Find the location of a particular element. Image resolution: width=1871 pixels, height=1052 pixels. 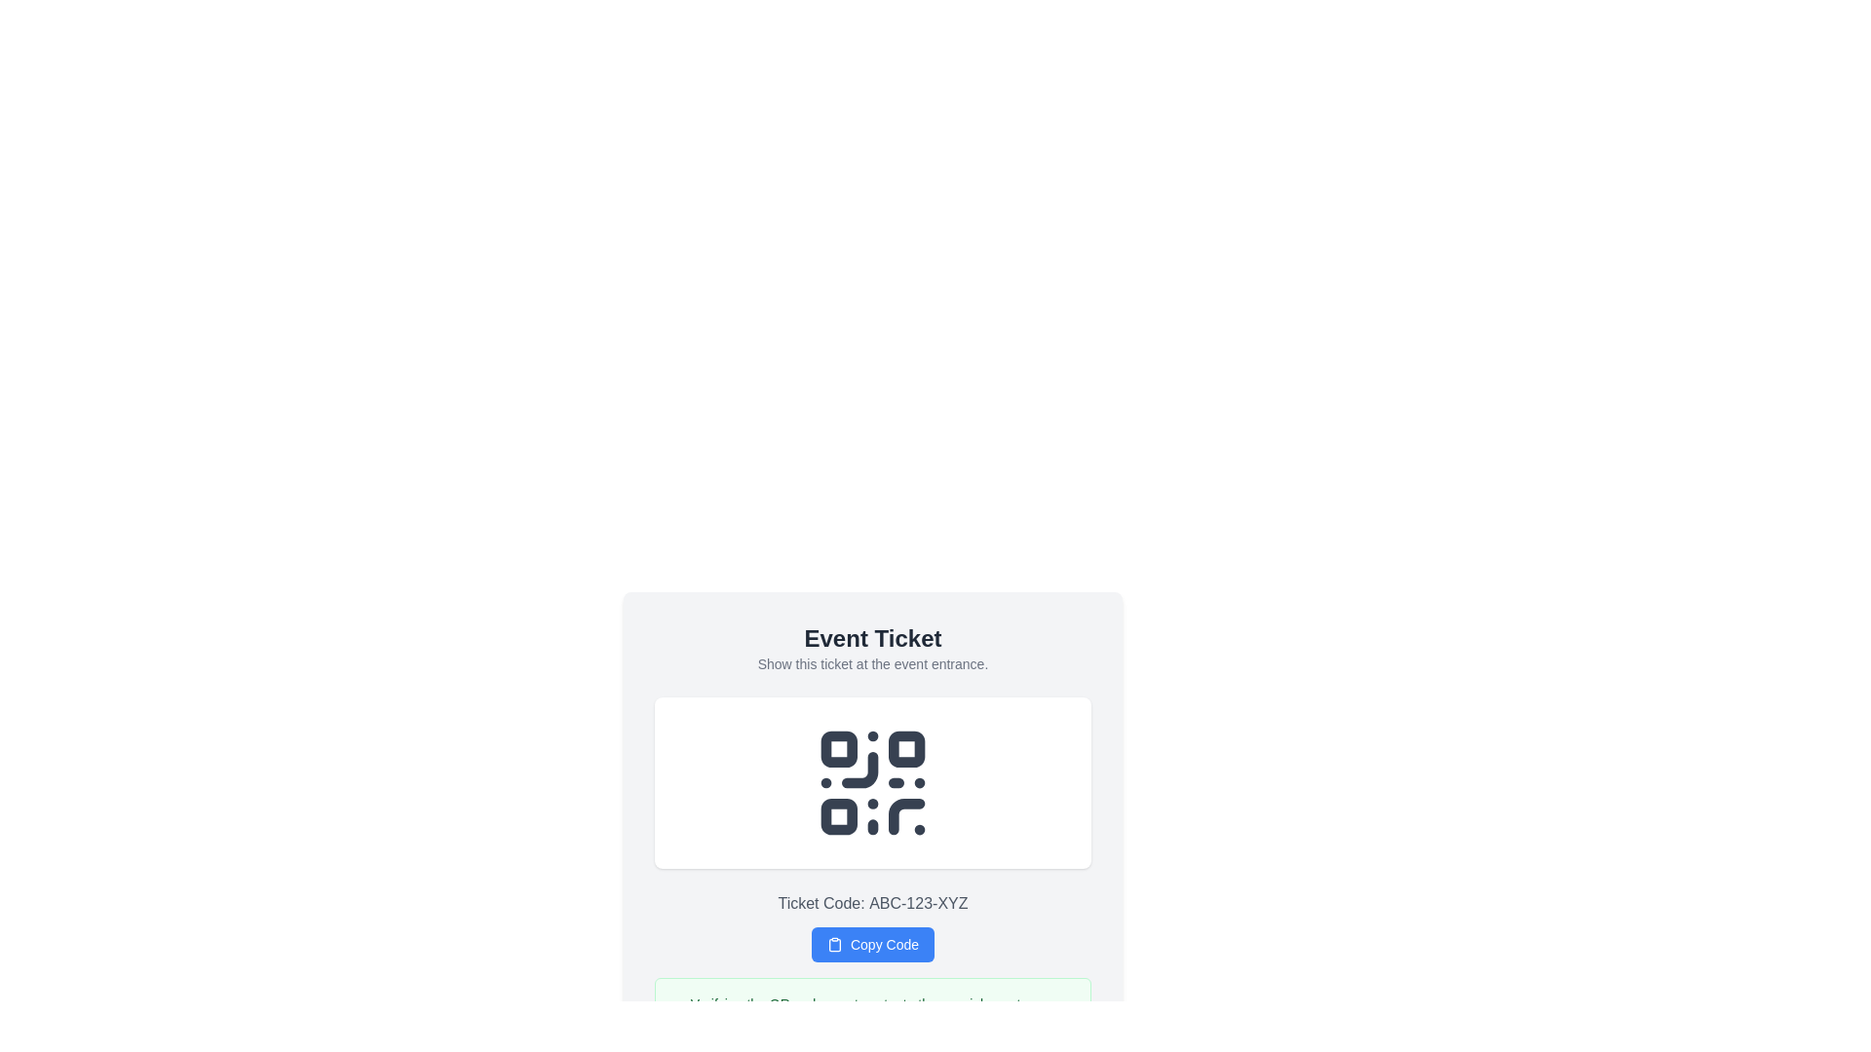

the decorative Icon Segment located in the bottom-right corner of the QR code representation is located at coordinates (905, 816).